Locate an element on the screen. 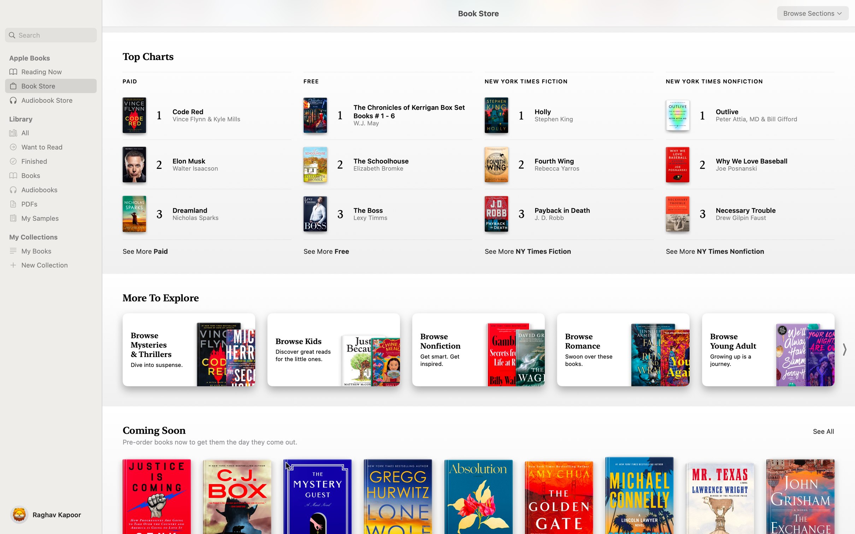 The width and height of the screenshot is (855, 534). the full list of trending paid books is located at coordinates (146, 249).